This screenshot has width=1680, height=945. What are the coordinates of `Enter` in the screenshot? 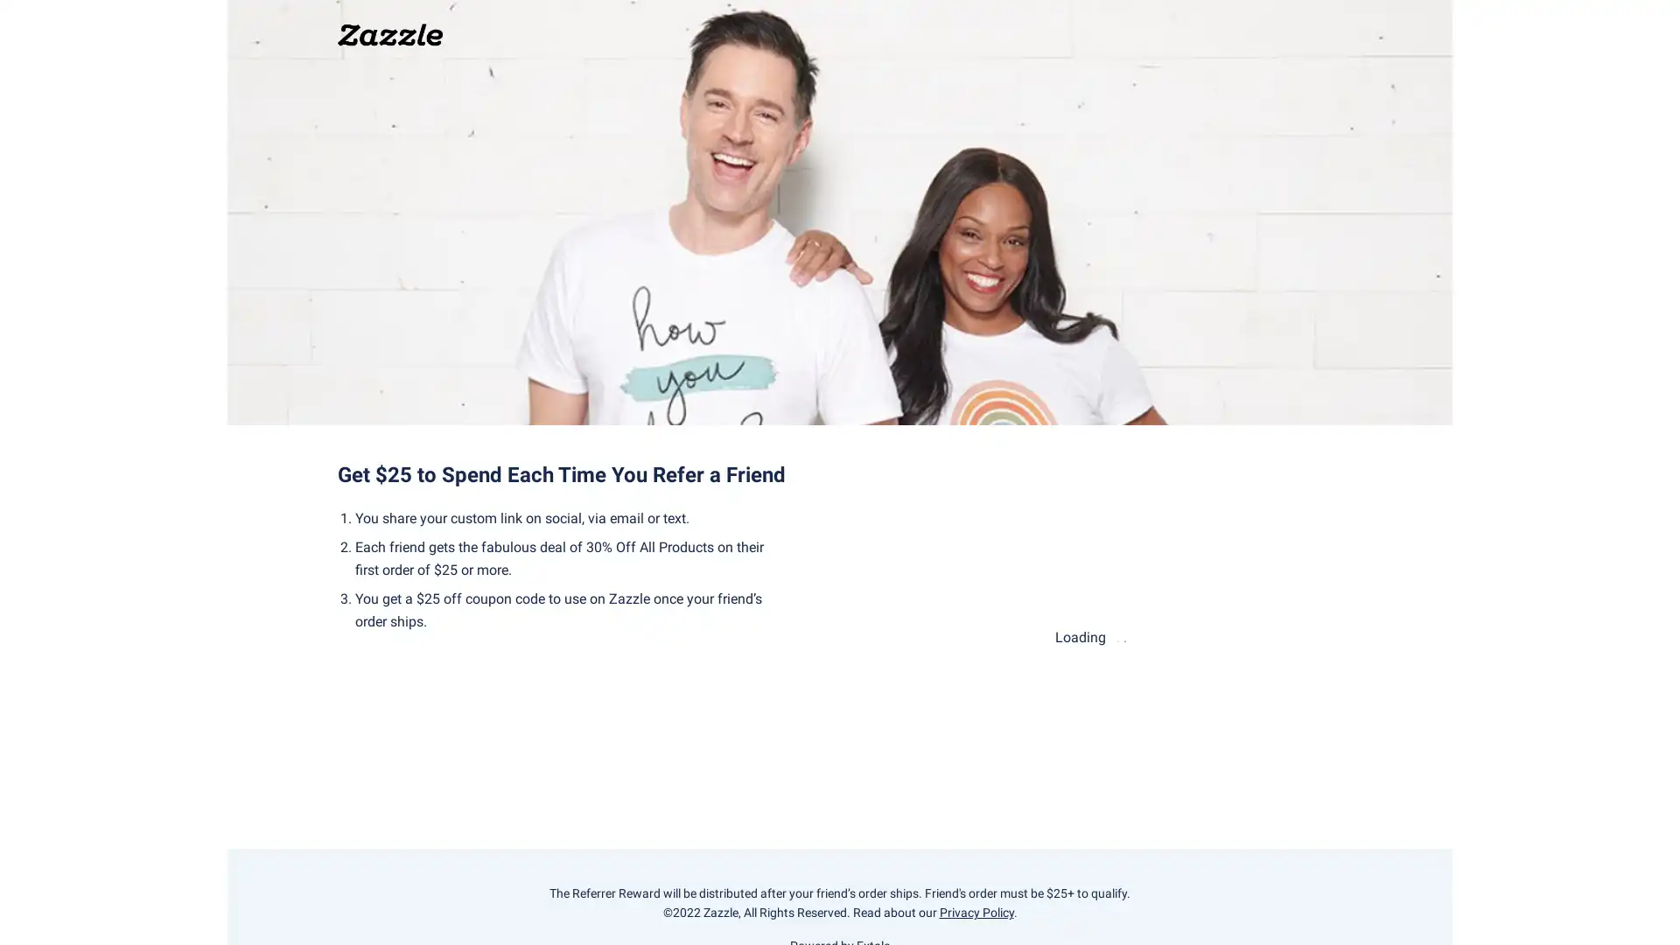 It's located at (1285, 548).